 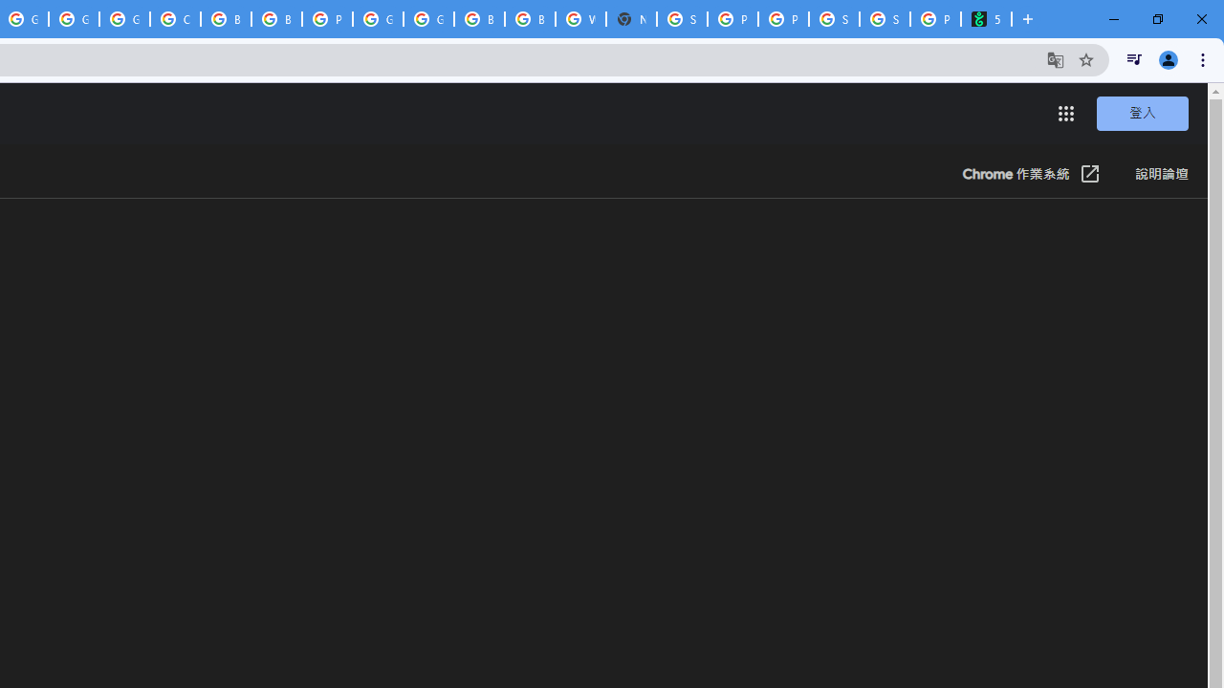 I want to click on 'Translate this page', so click(x=1055, y=58).